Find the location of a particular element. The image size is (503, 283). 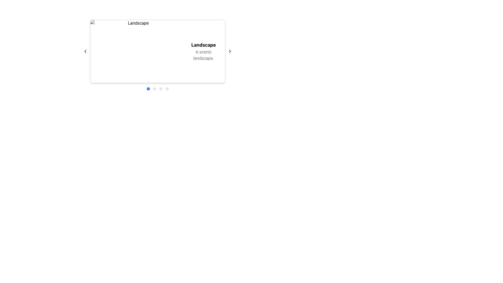

the chevron-right icon (class `lucide lucide-chevron-right`) is located at coordinates (230, 51).